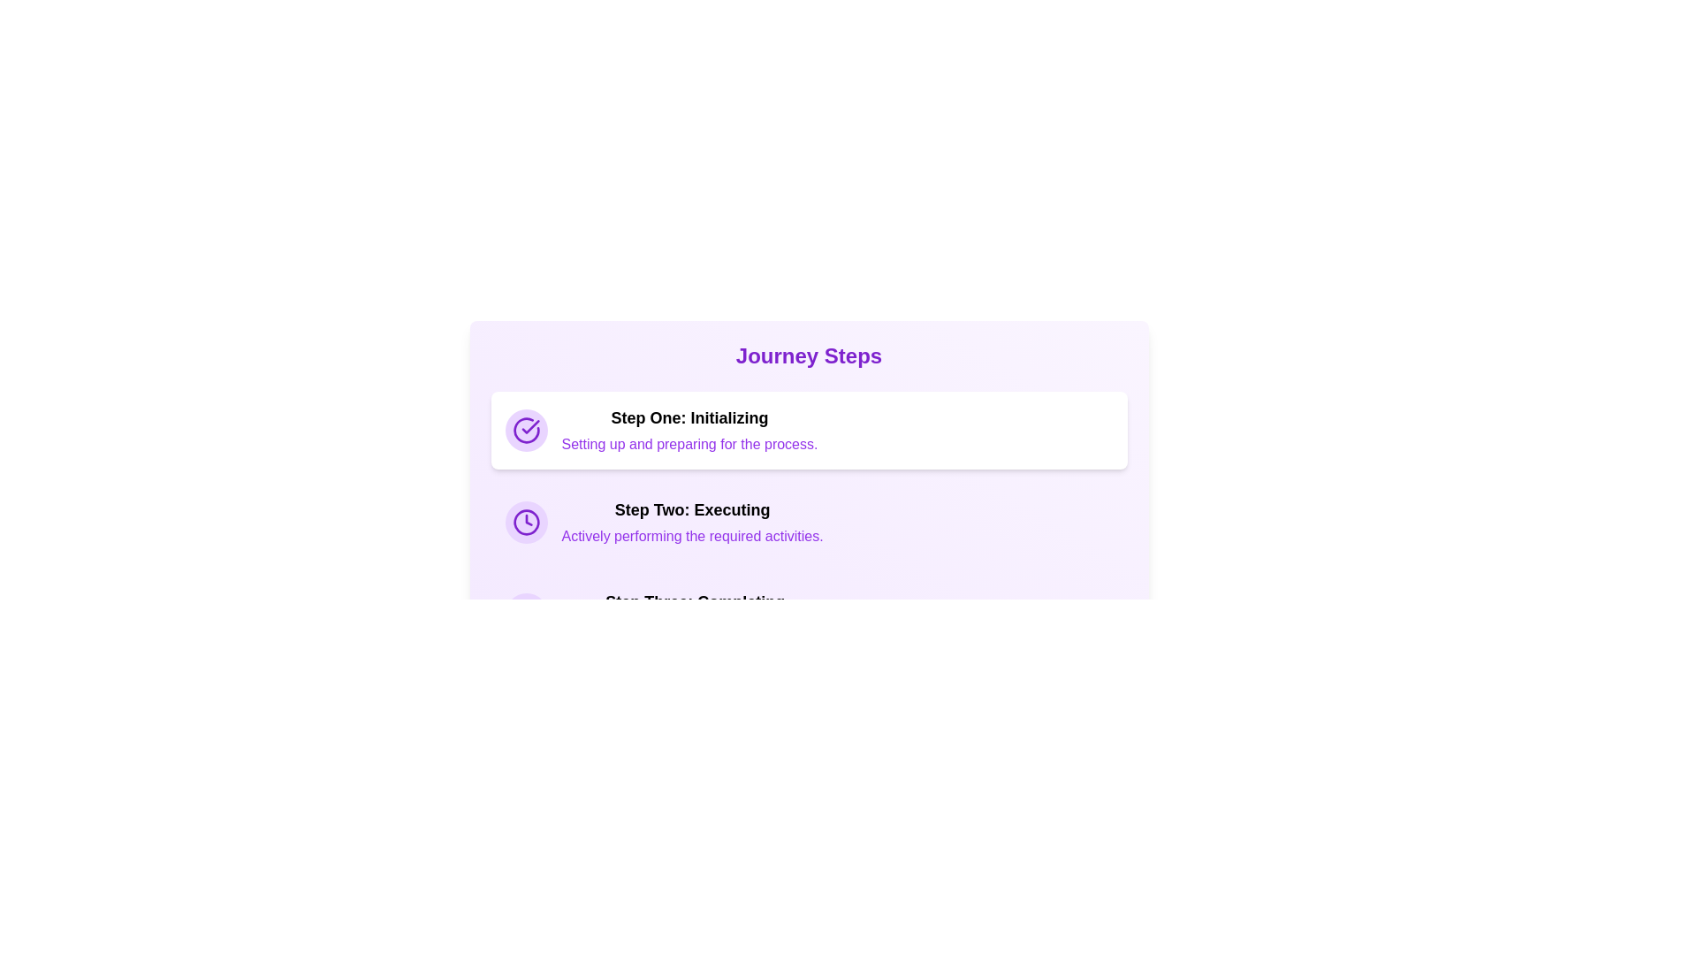  I want to click on the first Information card representing the initialization phase in the Journey Steps section, so click(808, 430).